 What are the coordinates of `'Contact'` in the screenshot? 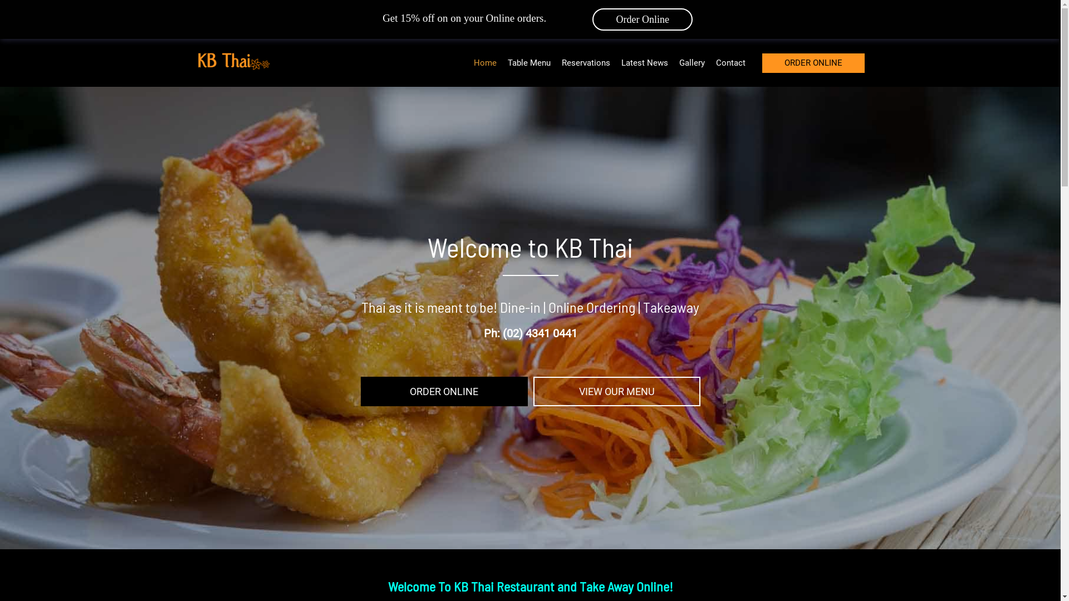 It's located at (730, 62).